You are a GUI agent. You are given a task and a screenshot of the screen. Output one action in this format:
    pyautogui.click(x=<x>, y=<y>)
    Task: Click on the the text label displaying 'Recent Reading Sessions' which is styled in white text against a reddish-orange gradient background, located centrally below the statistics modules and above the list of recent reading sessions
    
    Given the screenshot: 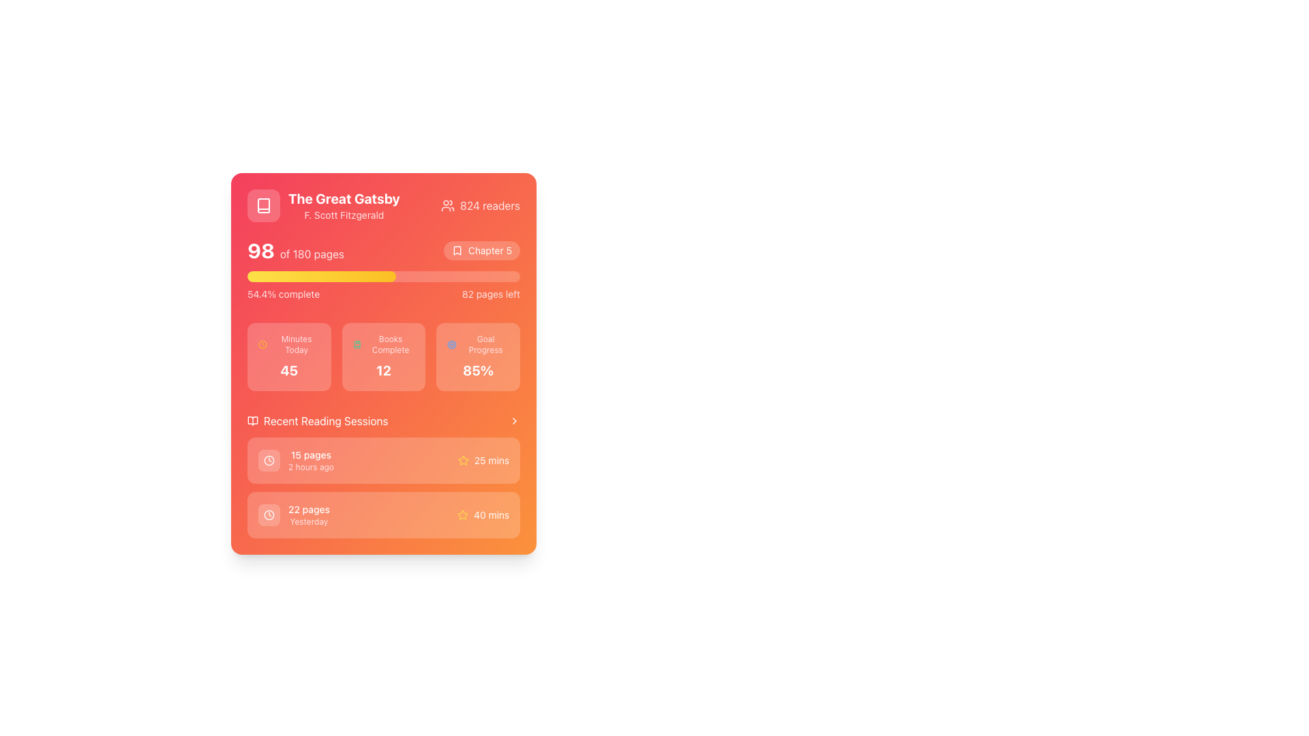 What is the action you would take?
    pyautogui.click(x=325, y=420)
    